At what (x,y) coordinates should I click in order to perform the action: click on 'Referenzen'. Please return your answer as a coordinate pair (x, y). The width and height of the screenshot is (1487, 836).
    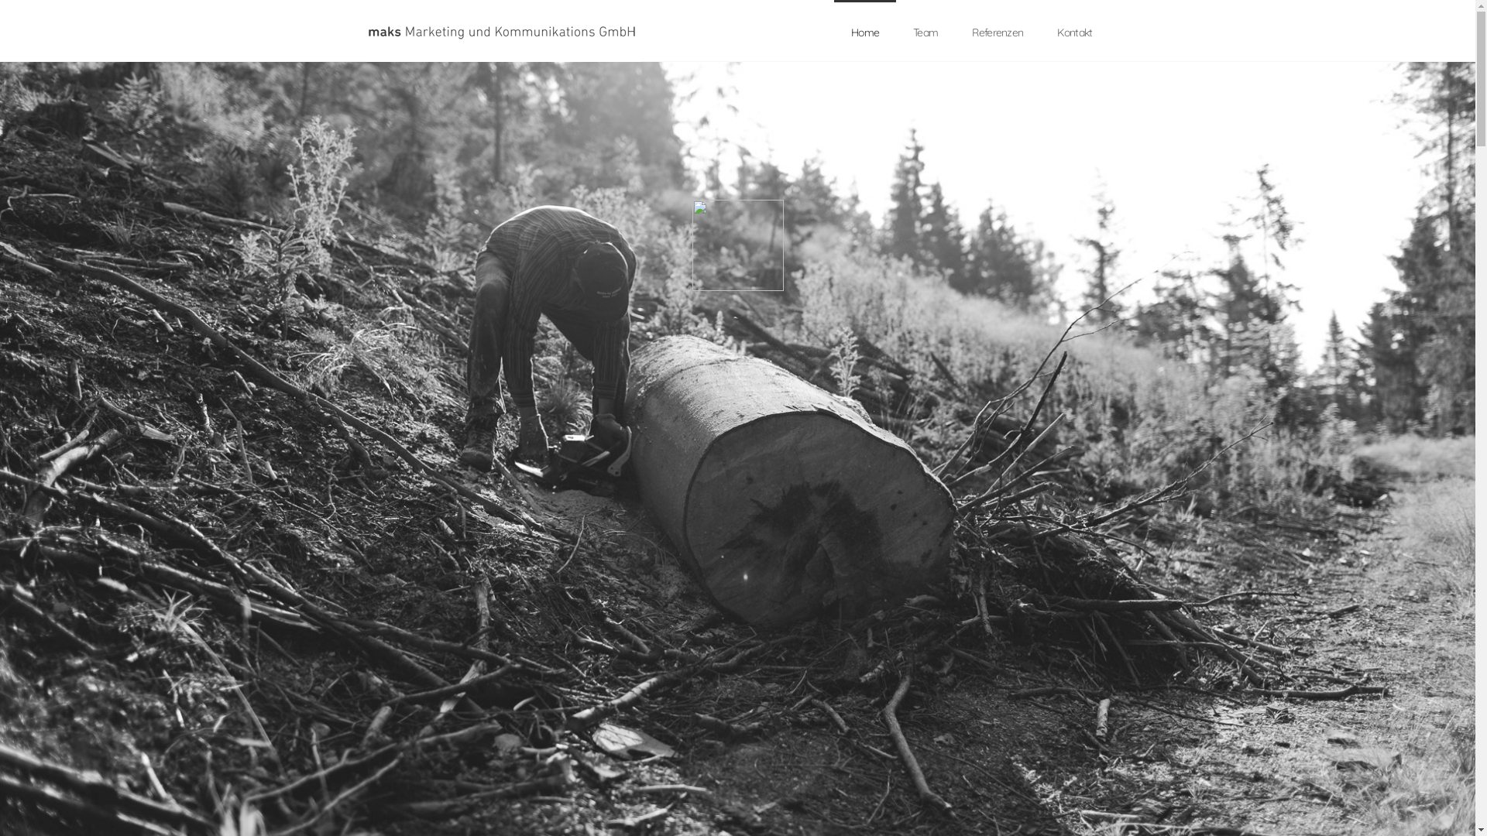
    Looking at the image, I should click on (997, 32).